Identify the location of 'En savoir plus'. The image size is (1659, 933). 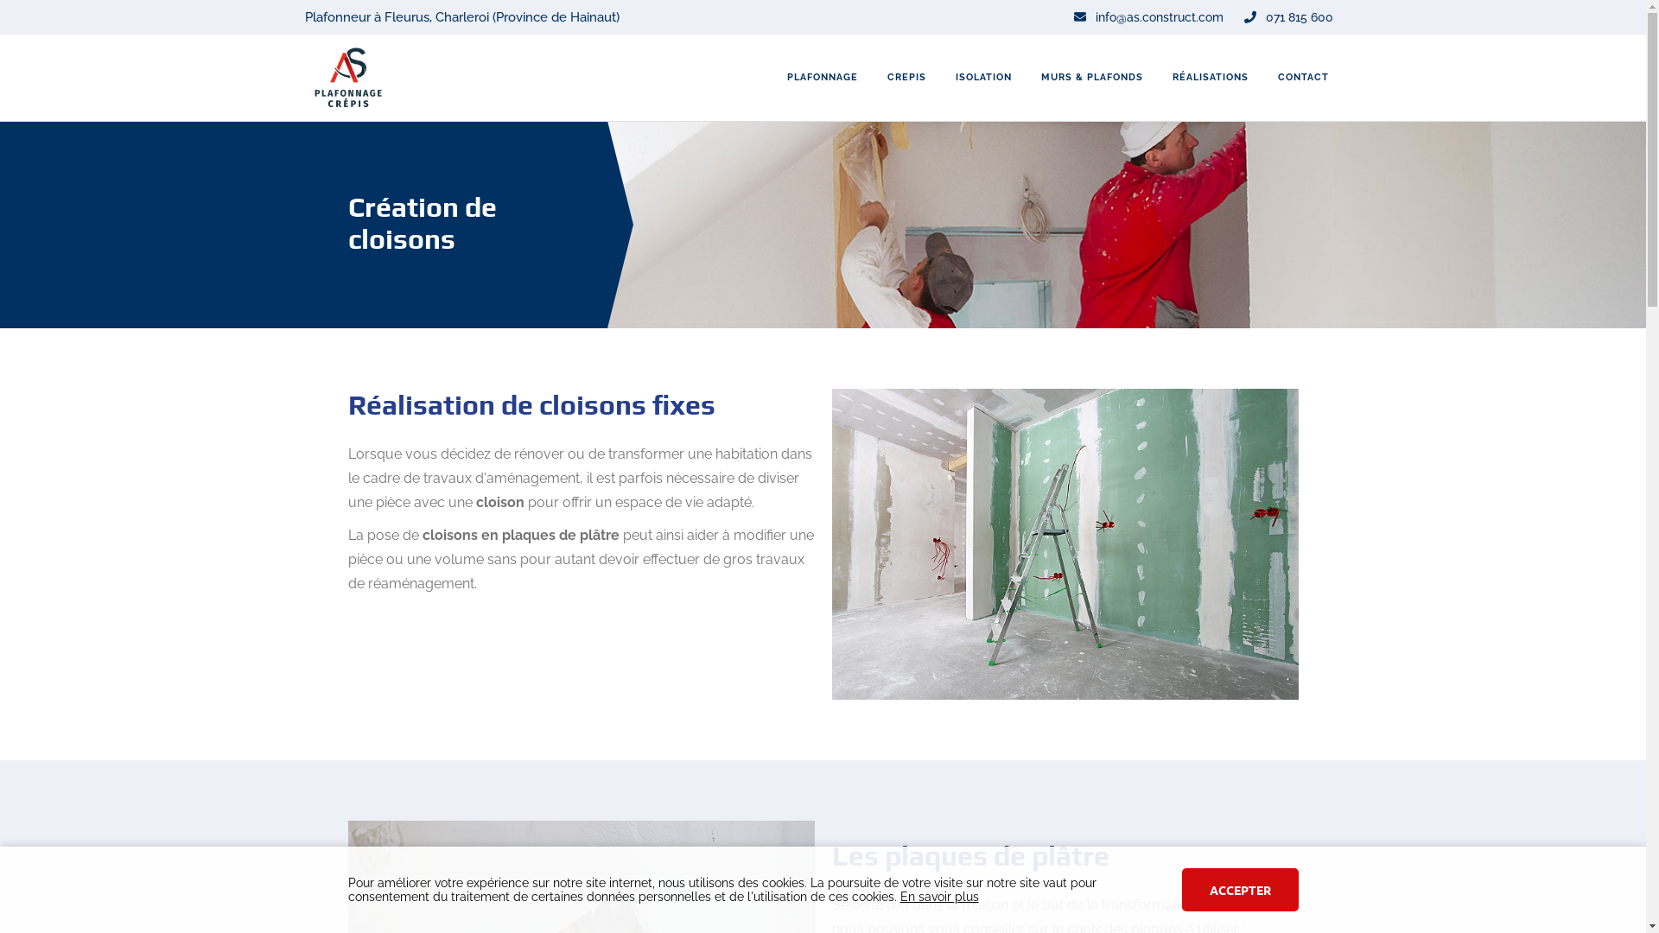
(938, 895).